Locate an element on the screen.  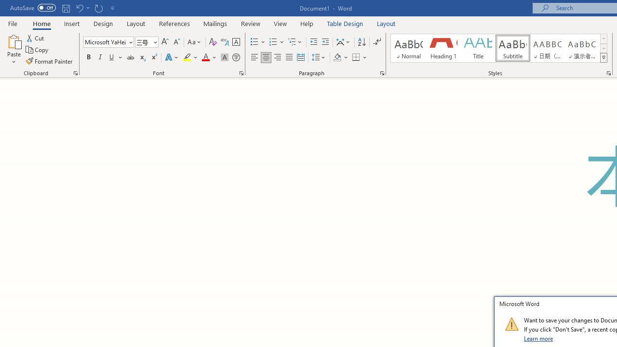
'Row Down' is located at coordinates (603, 48).